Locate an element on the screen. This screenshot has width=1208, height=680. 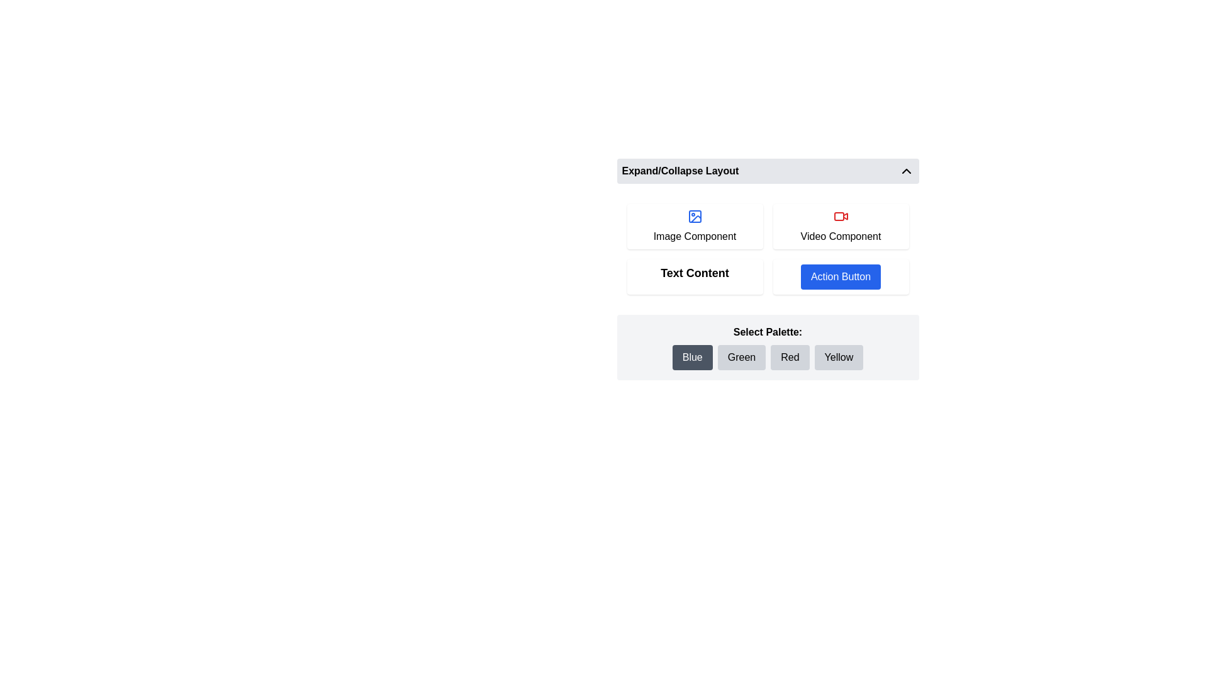
the 'Yellow' button located beneath the 'Select Palette:' section is located at coordinates (839, 357).